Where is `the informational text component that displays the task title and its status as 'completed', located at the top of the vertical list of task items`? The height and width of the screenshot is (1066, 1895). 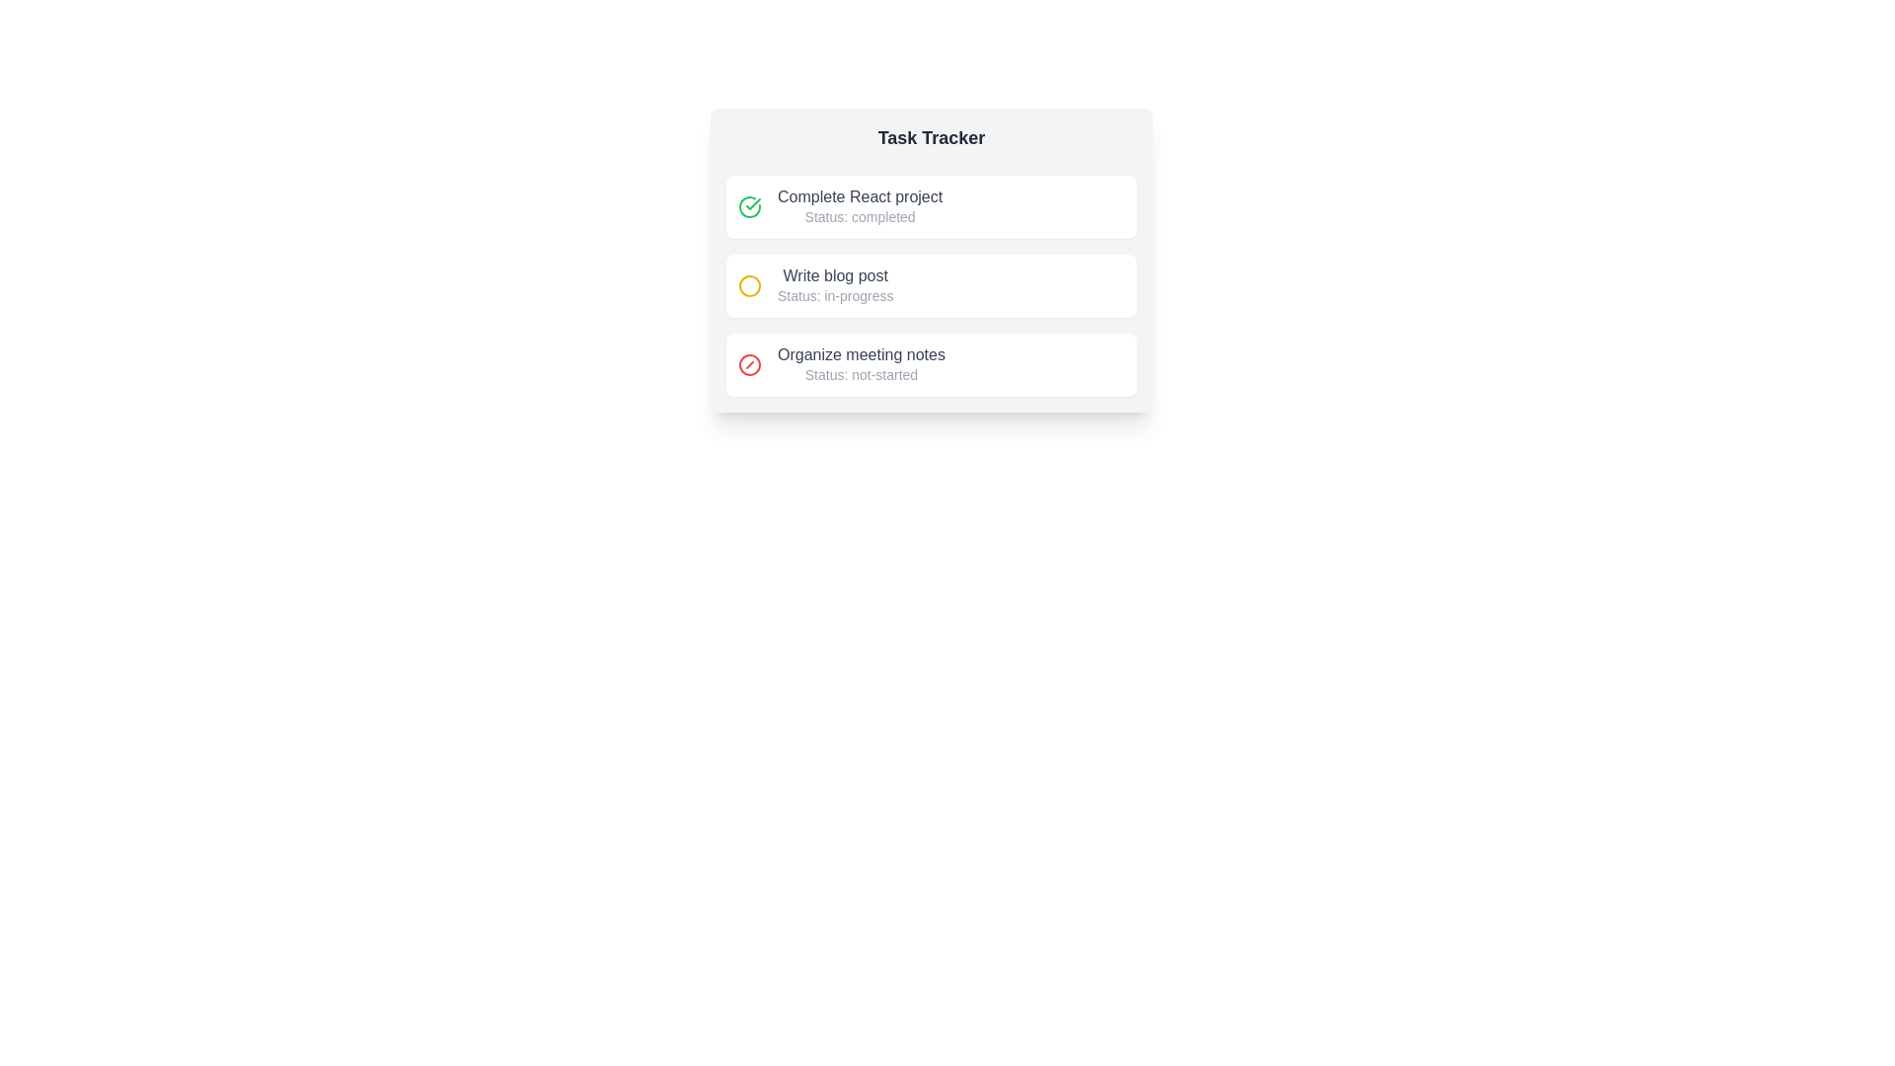 the informational text component that displays the task title and its status as 'completed', located at the top of the vertical list of task items is located at coordinates (860, 206).